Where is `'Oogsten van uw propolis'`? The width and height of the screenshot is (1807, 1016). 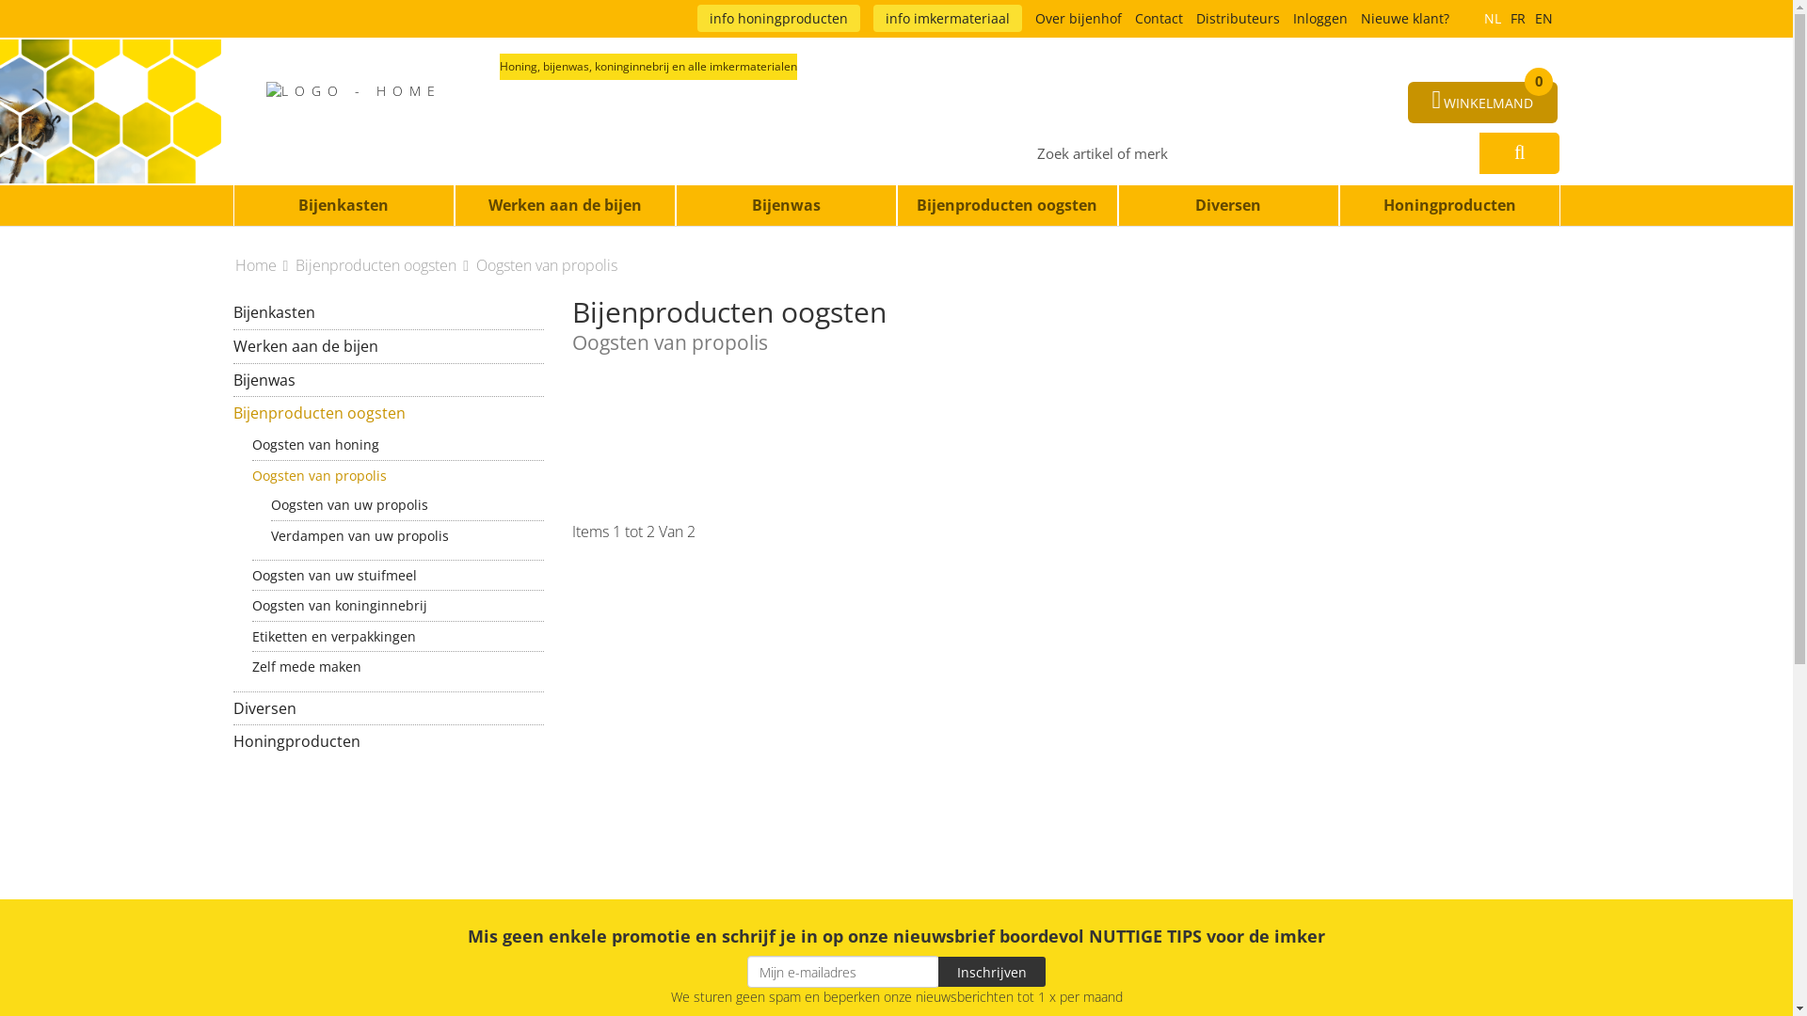 'Oogsten van uw propolis' is located at coordinates (270, 503).